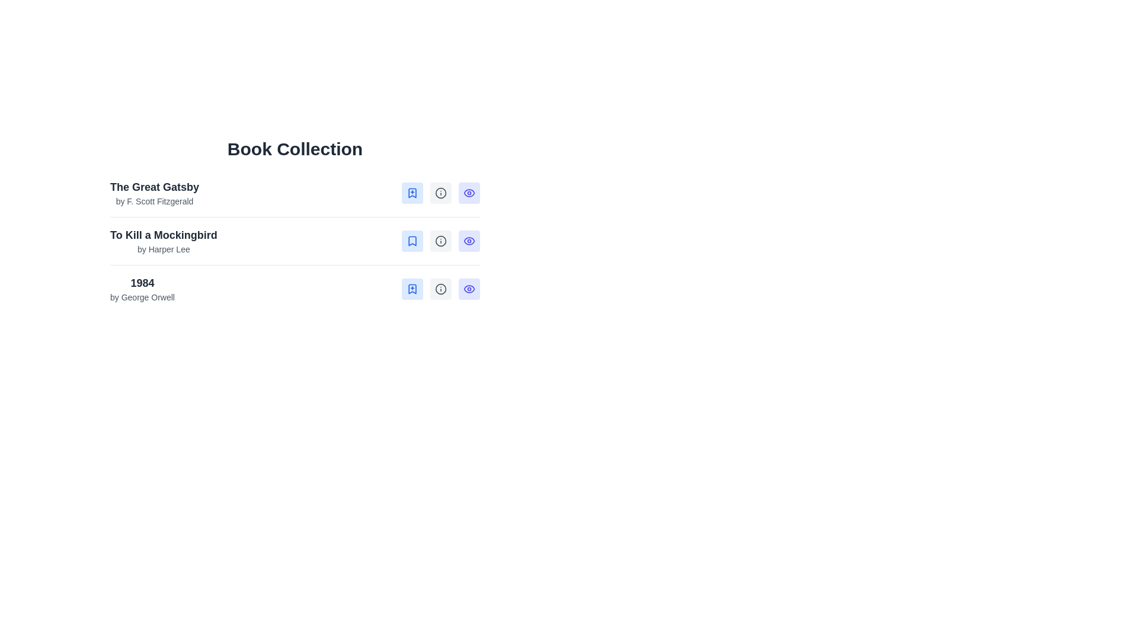  Describe the element at coordinates (440, 193) in the screenshot. I see `the information icon button, which is a circular light gray icon containing a lowercase 'i', located as the second icon in the row of interactive icons in the 'Book Collection' section` at that location.